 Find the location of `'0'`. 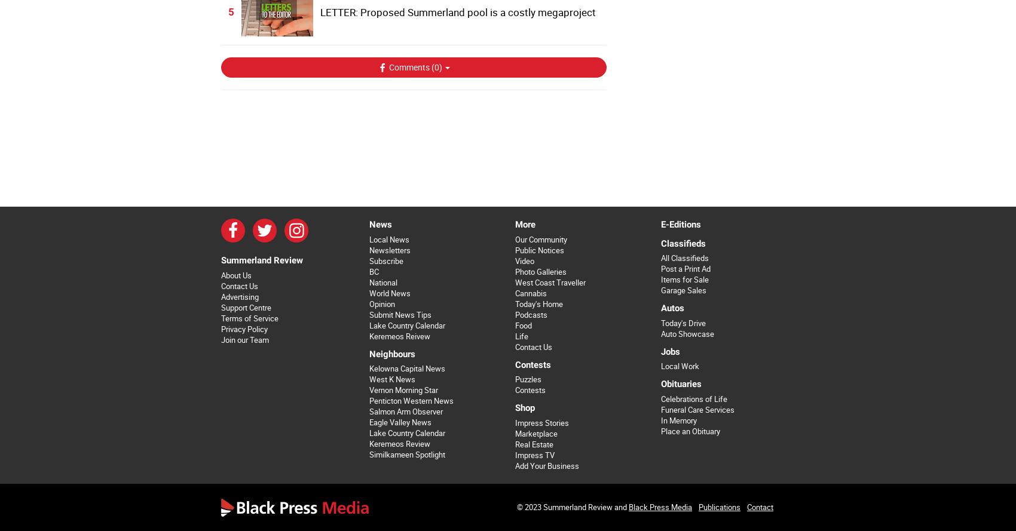

'0' is located at coordinates (437, 66).